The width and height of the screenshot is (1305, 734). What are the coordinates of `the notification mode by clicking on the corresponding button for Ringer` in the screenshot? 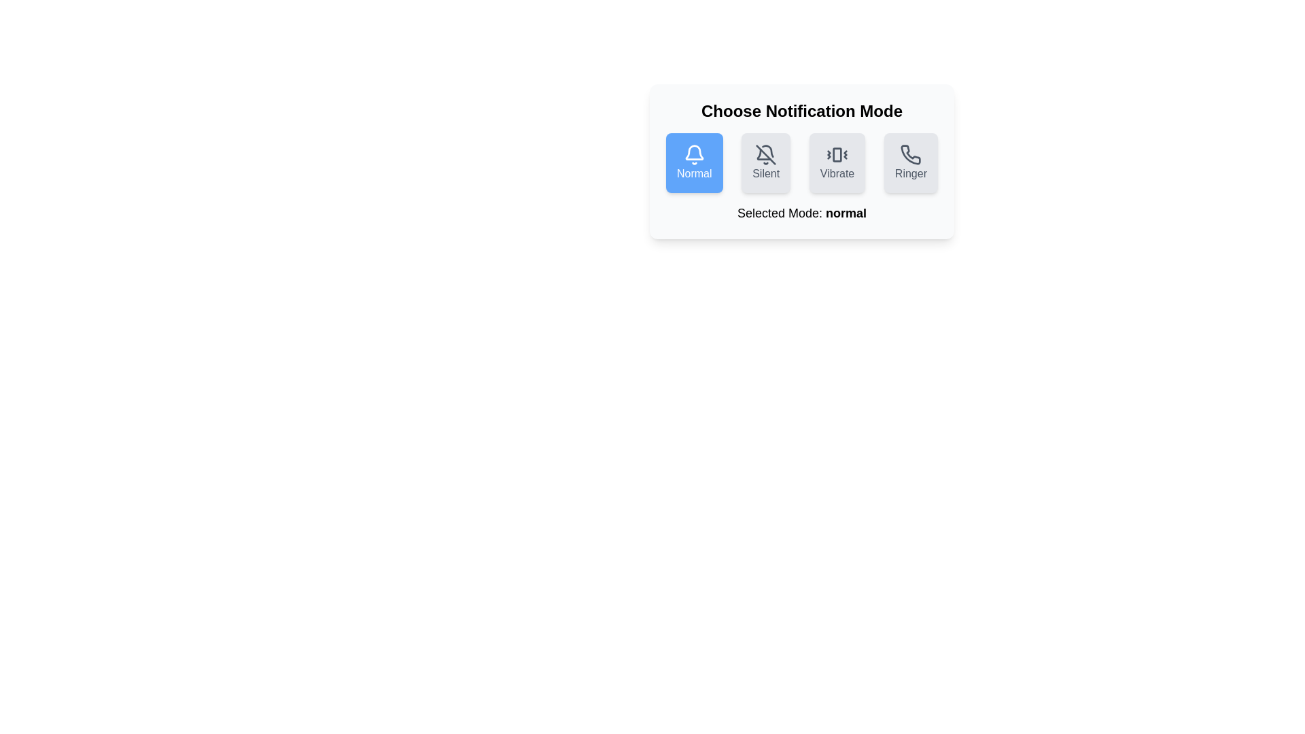 It's located at (911, 162).